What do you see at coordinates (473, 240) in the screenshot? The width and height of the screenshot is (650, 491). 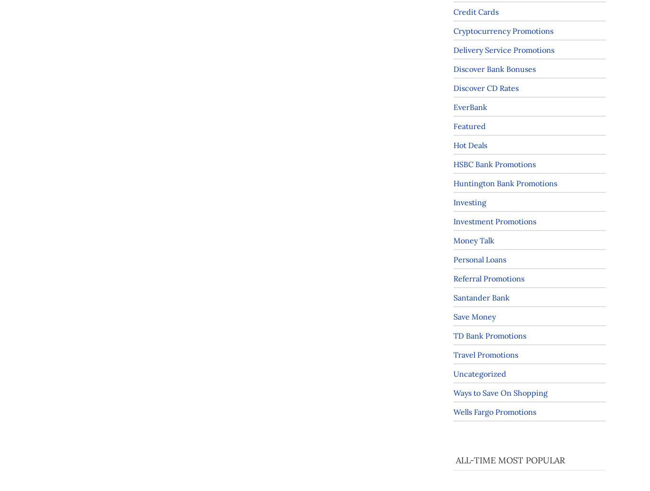 I see `'Money Talk'` at bounding box center [473, 240].